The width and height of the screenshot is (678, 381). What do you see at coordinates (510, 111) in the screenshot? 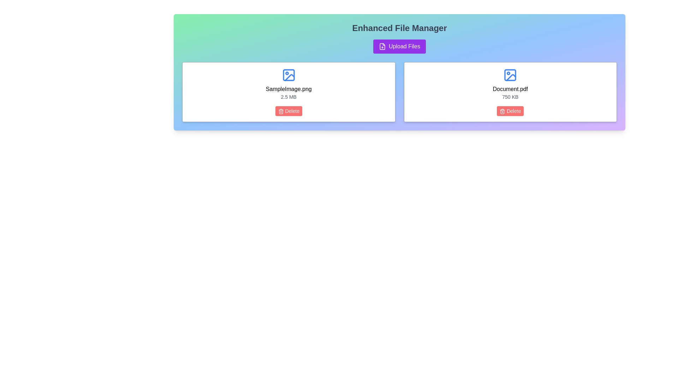
I see `the red 'Delete' button with a trash bin icon` at bounding box center [510, 111].